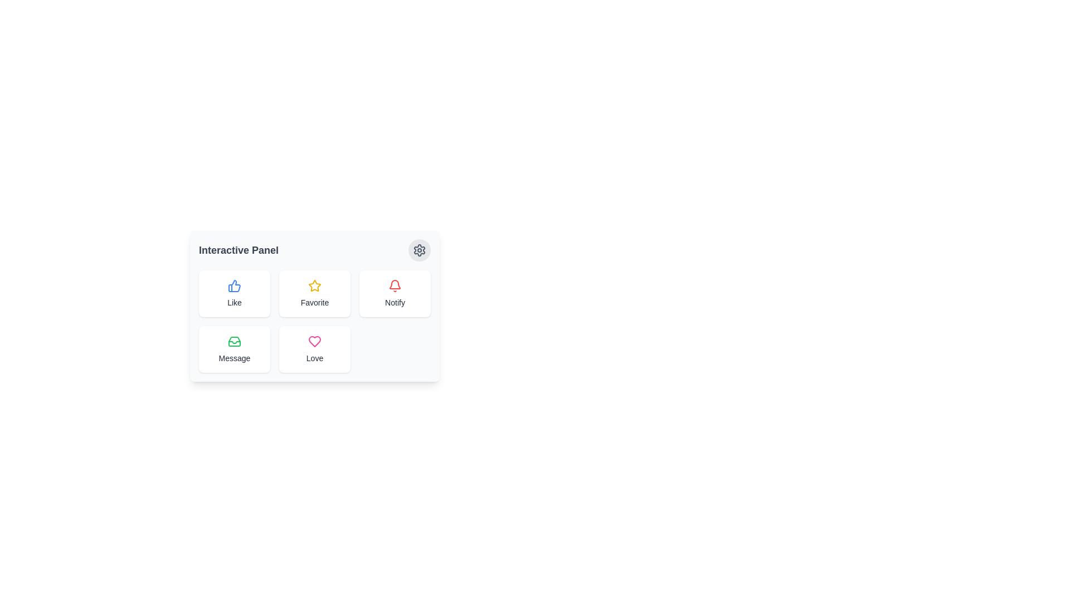 Image resolution: width=1070 pixels, height=601 pixels. What do you see at coordinates (314, 285) in the screenshot?
I see `the yellow star-shaped icon` at bounding box center [314, 285].